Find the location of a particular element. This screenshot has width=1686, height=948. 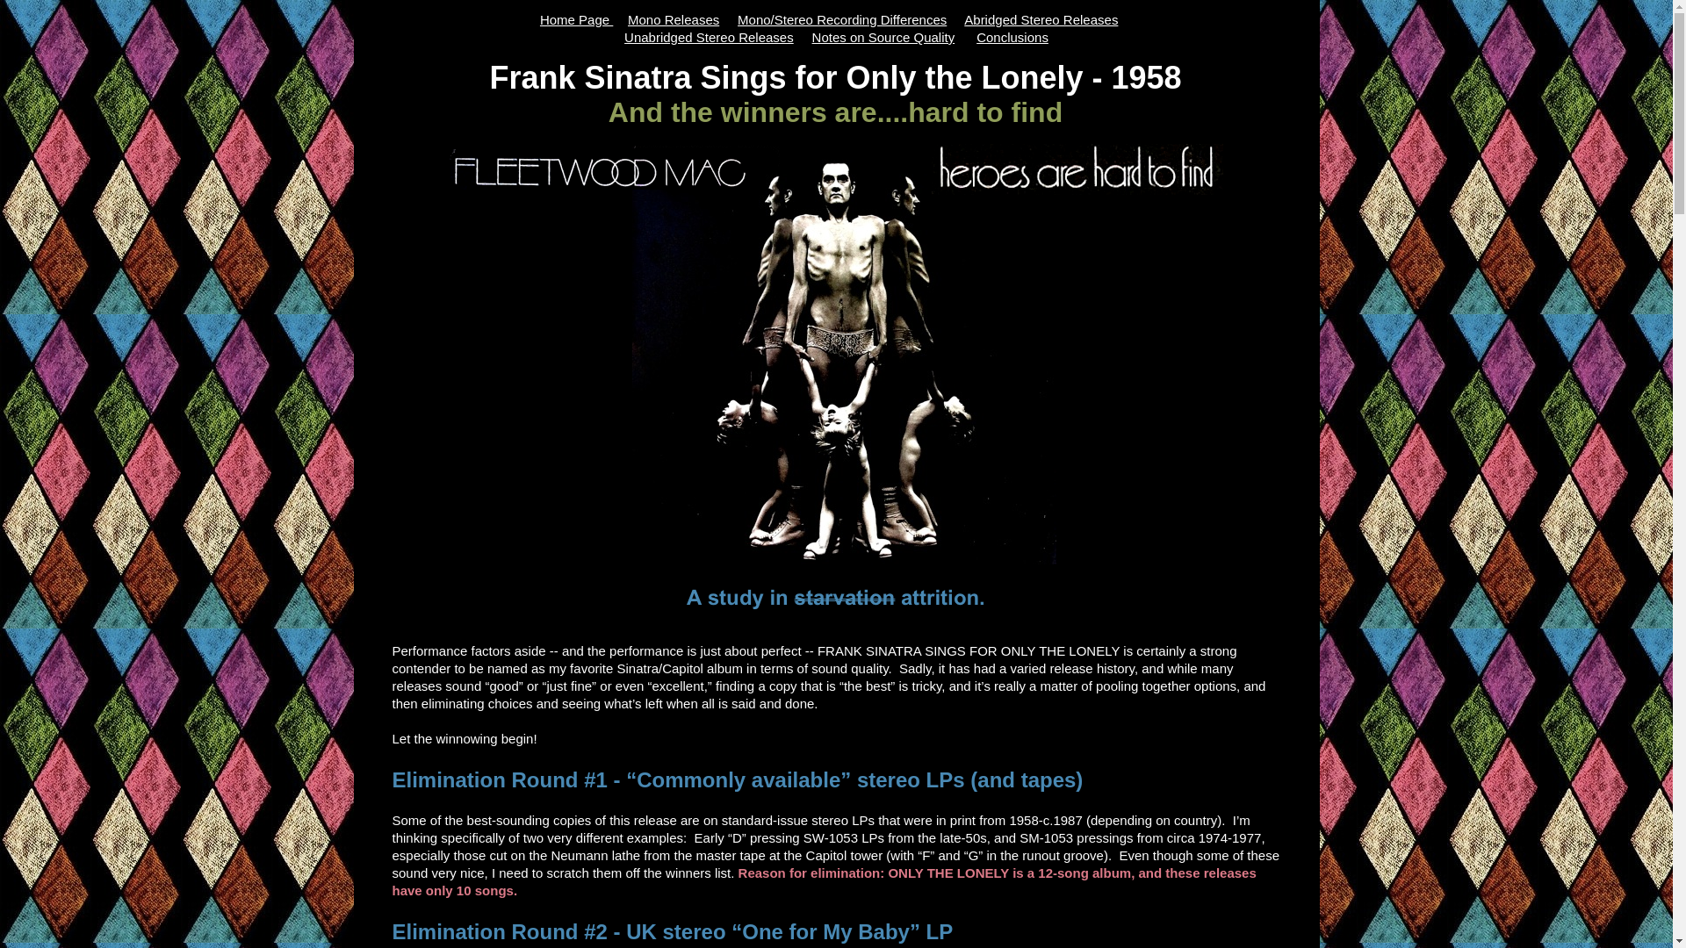

'Notes on Source Quality' is located at coordinates (883, 37).